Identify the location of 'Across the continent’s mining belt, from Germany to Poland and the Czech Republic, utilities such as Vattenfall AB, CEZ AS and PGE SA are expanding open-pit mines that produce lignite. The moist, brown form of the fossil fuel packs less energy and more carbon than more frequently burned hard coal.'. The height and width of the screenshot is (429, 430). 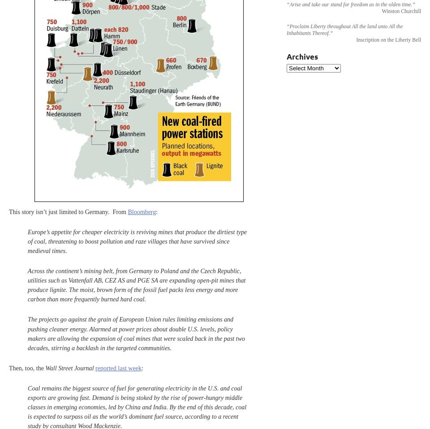
(28, 285).